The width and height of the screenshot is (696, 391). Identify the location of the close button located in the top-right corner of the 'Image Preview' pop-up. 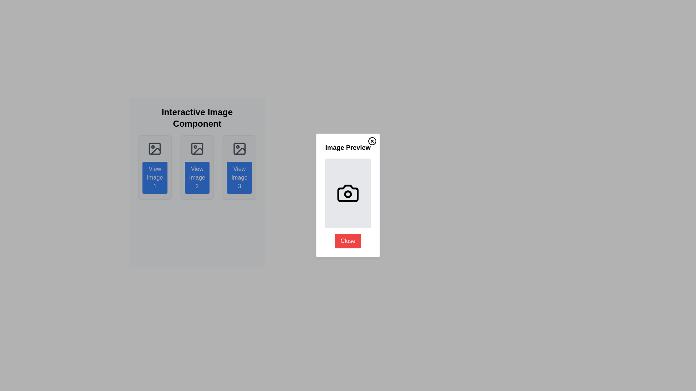
(372, 141).